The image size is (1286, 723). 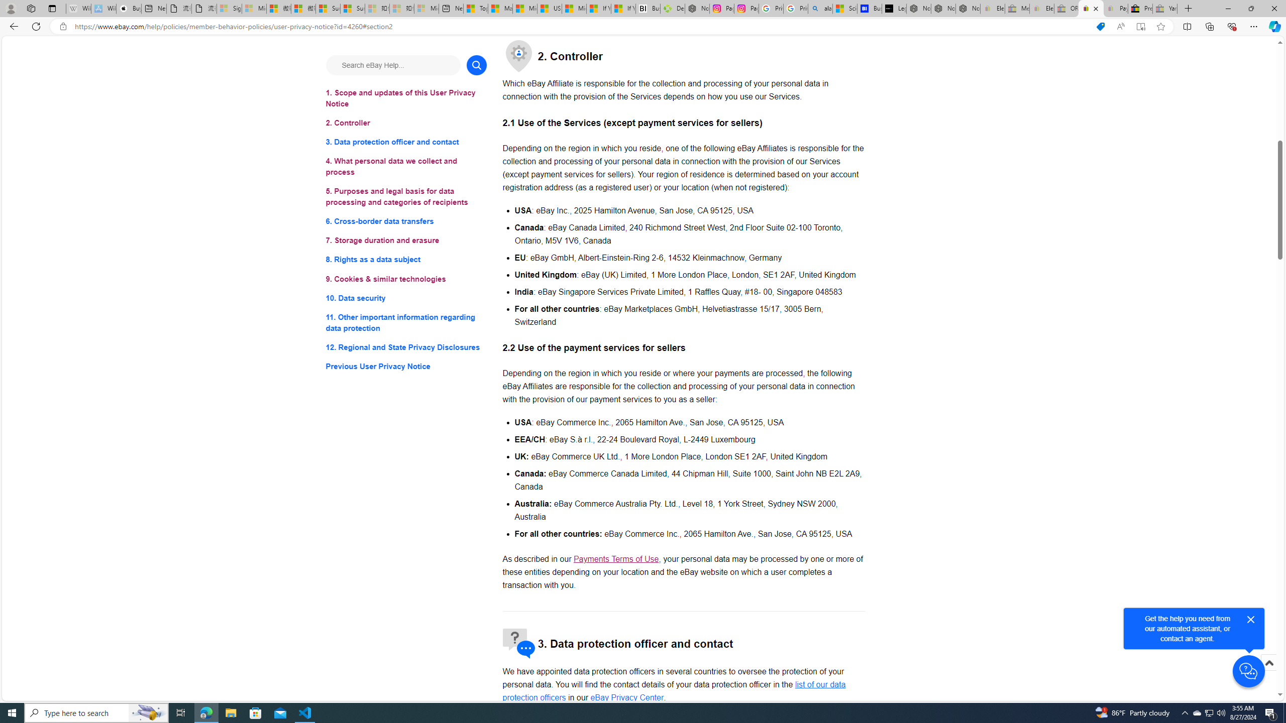 I want to click on '6. Cross-border data transfers', so click(x=405, y=221).